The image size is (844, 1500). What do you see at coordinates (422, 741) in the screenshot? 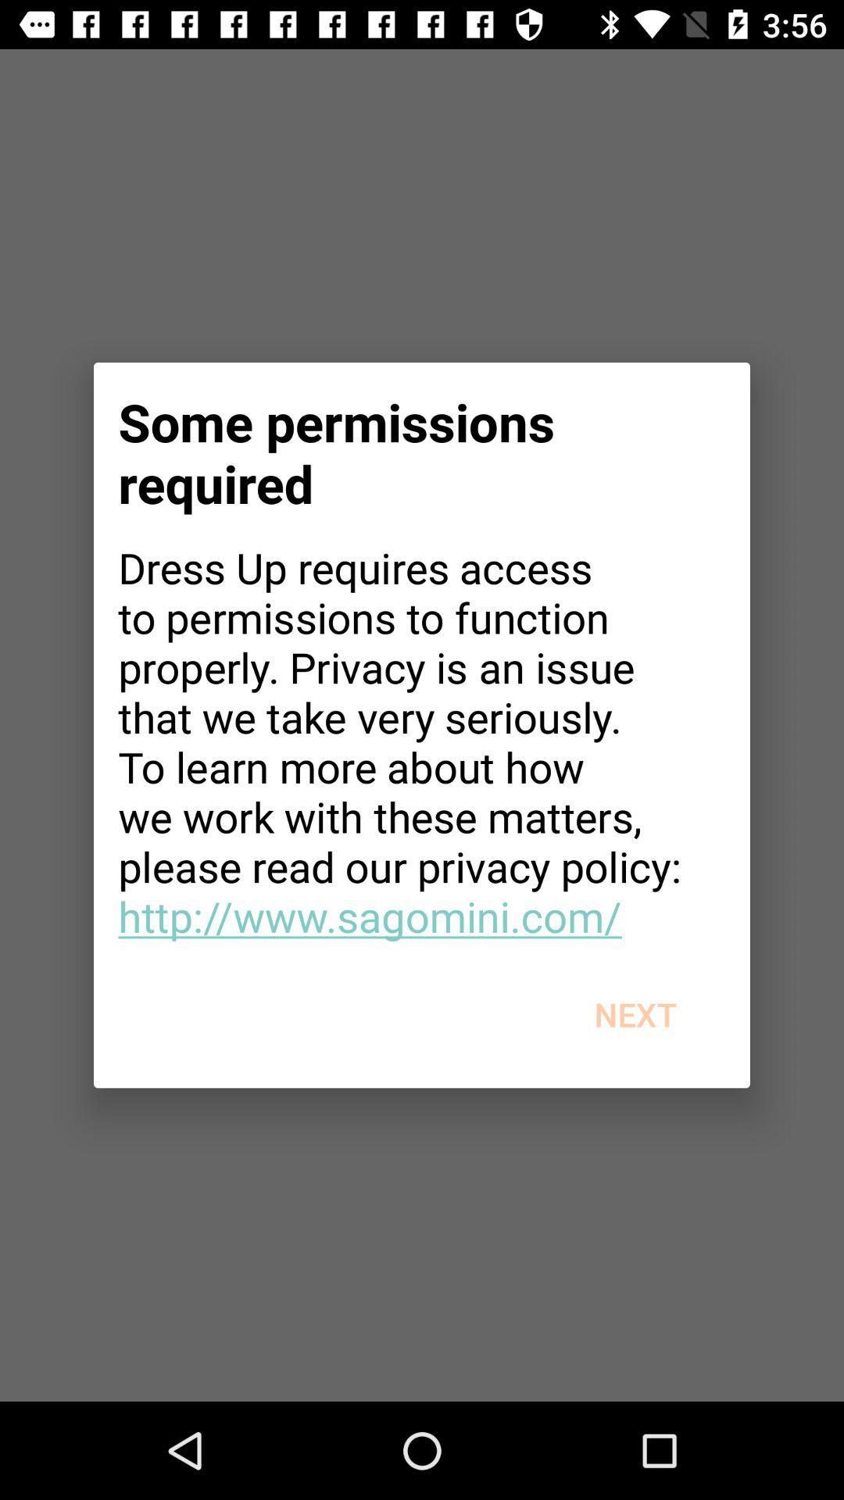
I see `app at the center` at bounding box center [422, 741].